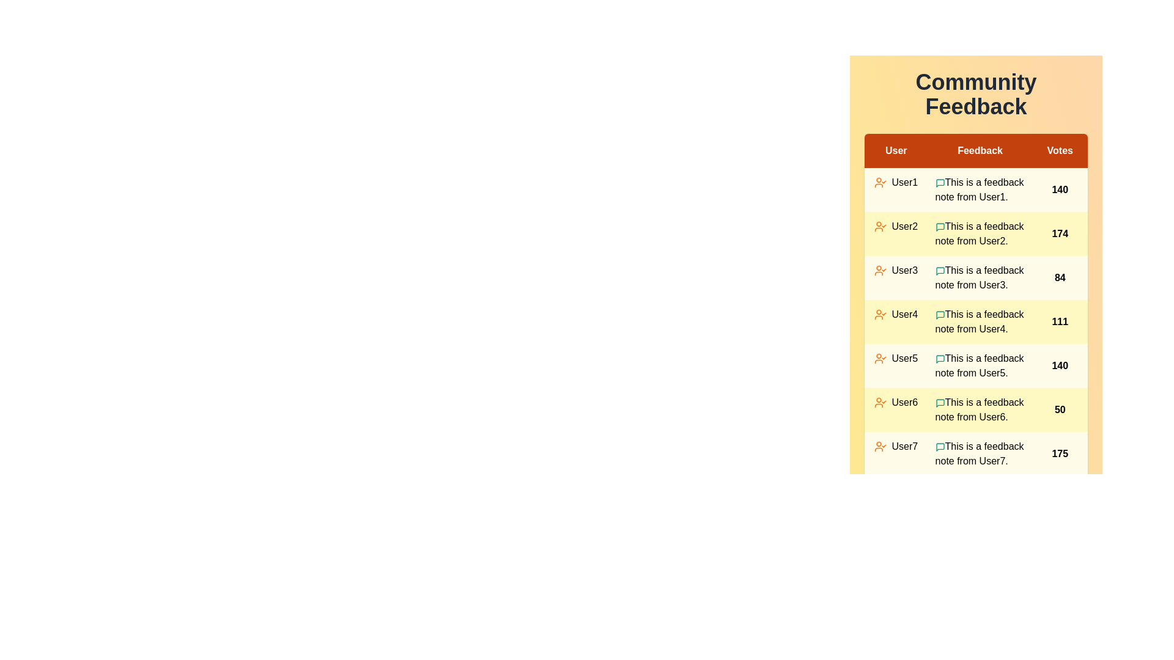 The image size is (1174, 660). Describe the element at coordinates (880, 270) in the screenshot. I see `the user icon corresponding to User3 to view their details` at that location.